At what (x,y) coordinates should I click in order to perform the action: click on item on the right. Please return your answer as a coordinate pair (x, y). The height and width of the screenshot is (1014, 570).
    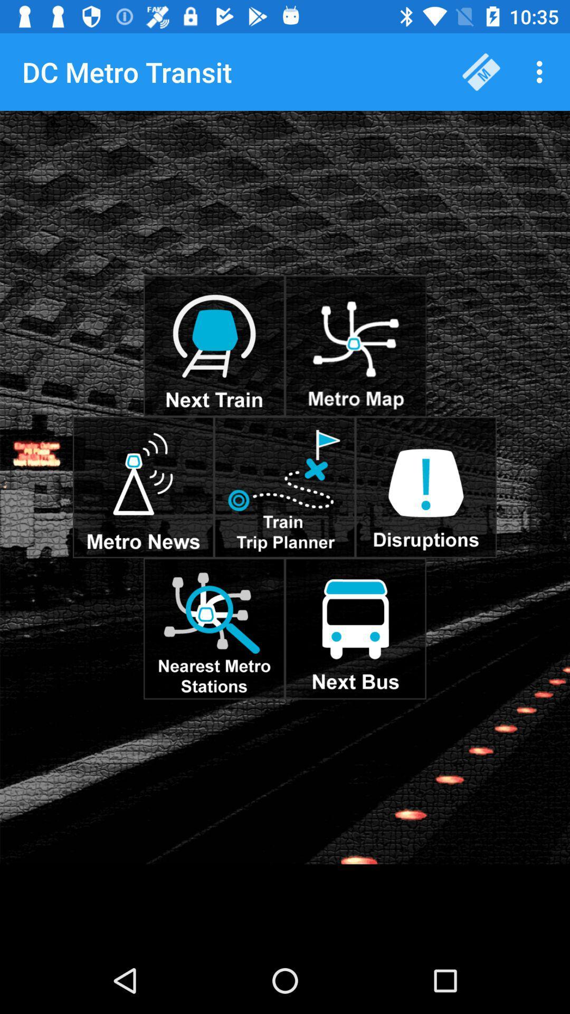
    Looking at the image, I should click on (425, 486).